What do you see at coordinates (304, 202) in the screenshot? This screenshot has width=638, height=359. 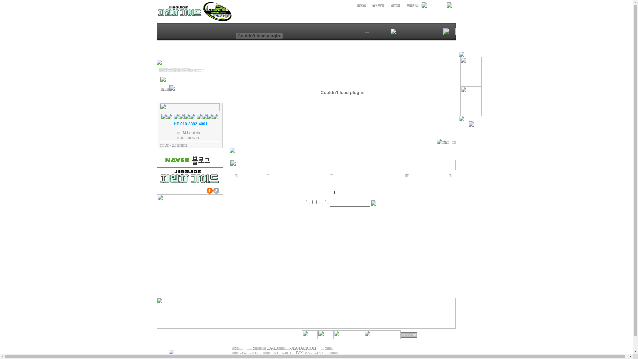 I see `'1'` at bounding box center [304, 202].